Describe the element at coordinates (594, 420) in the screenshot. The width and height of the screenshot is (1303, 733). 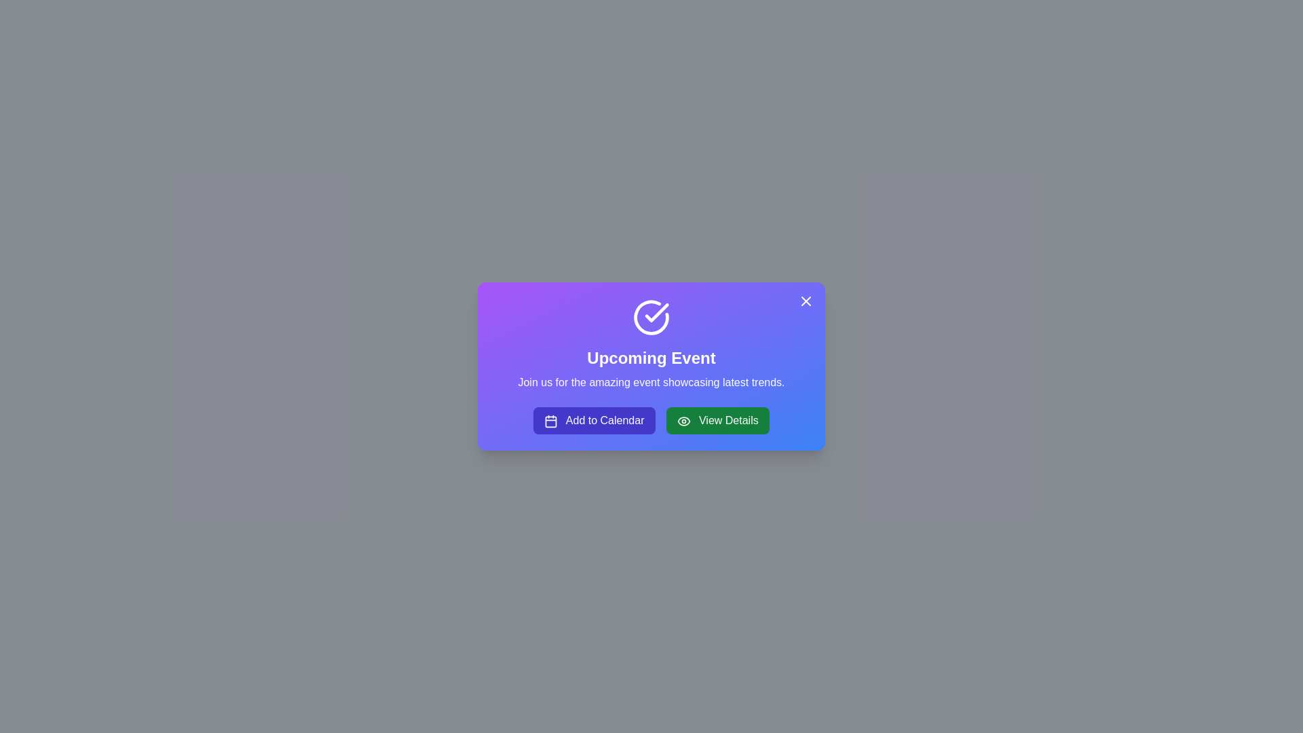
I see `'Add to Calendar' button to trigger its associated action` at that location.